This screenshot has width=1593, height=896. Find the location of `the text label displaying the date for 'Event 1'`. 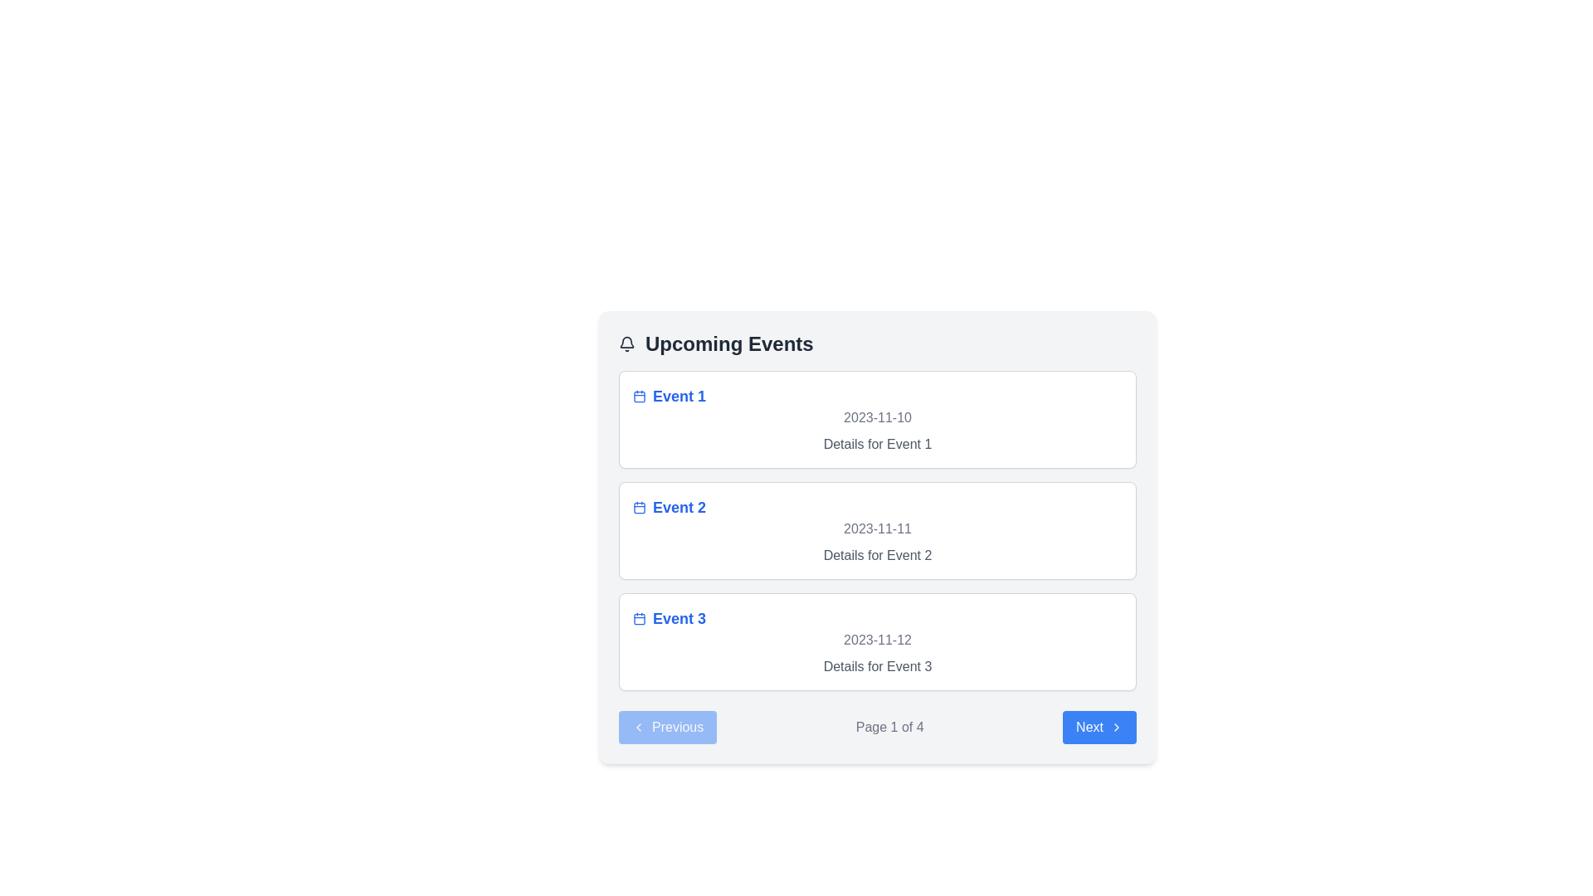

the text label displaying the date for 'Event 1' is located at coordinates (876, 417).